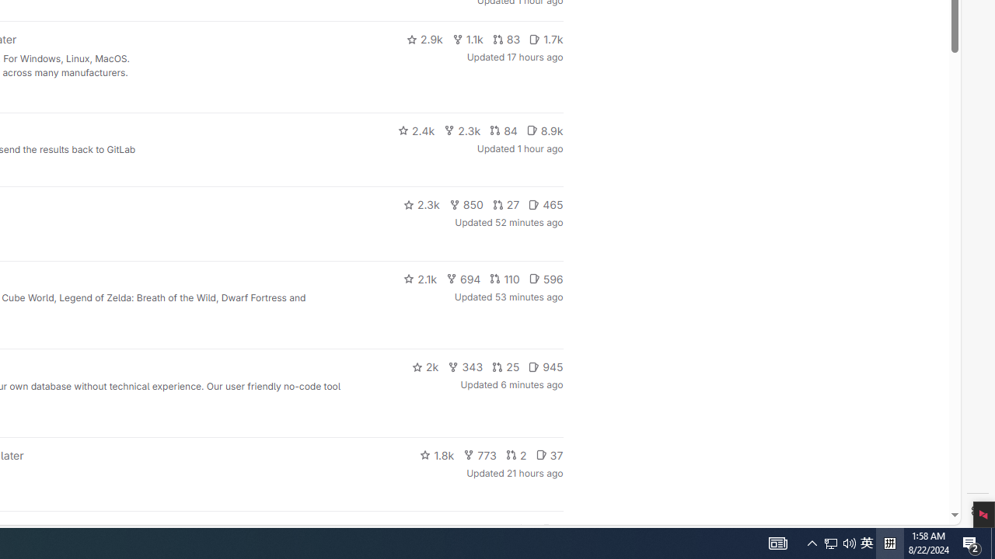  Describe the element at coordinates (420, 277) in the screenshot. I see `'2.1k'` at that location.